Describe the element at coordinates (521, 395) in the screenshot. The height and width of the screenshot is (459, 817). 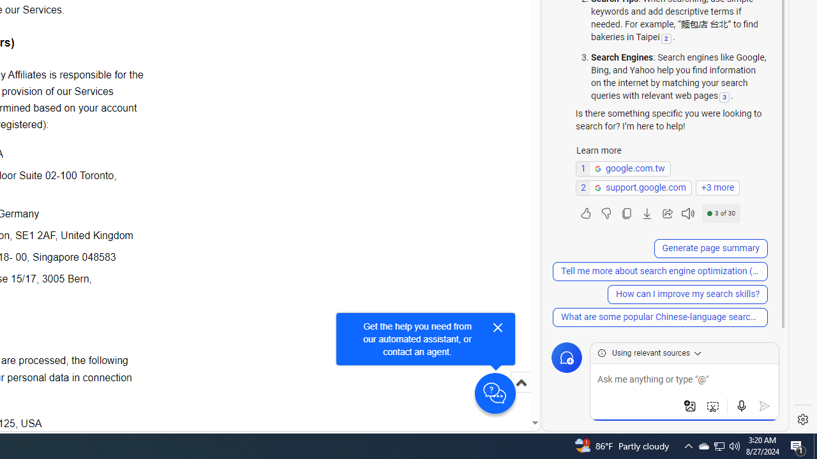
I see `'Scroll to top'` at that location.